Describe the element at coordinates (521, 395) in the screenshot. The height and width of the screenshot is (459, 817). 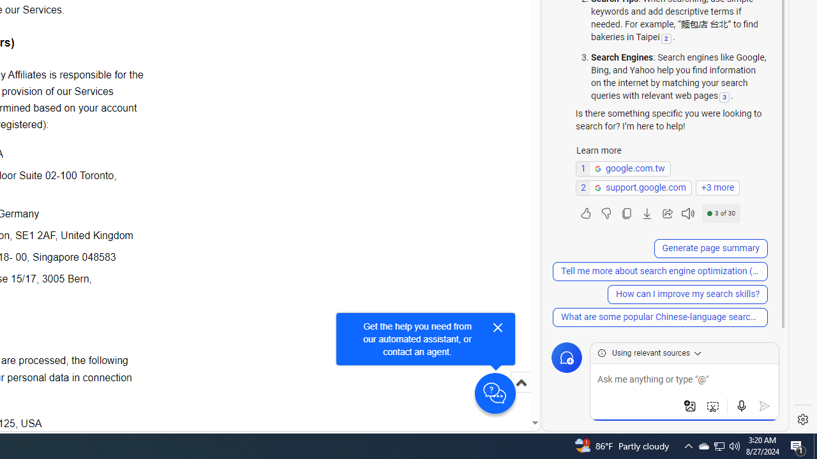
I see `'Scroll to top'` at that location.